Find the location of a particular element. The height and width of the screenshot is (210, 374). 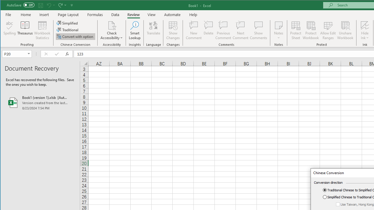

'Book1 (version 1).xlsb  [AutoRecovered]' is located at coordinates (40, 102).